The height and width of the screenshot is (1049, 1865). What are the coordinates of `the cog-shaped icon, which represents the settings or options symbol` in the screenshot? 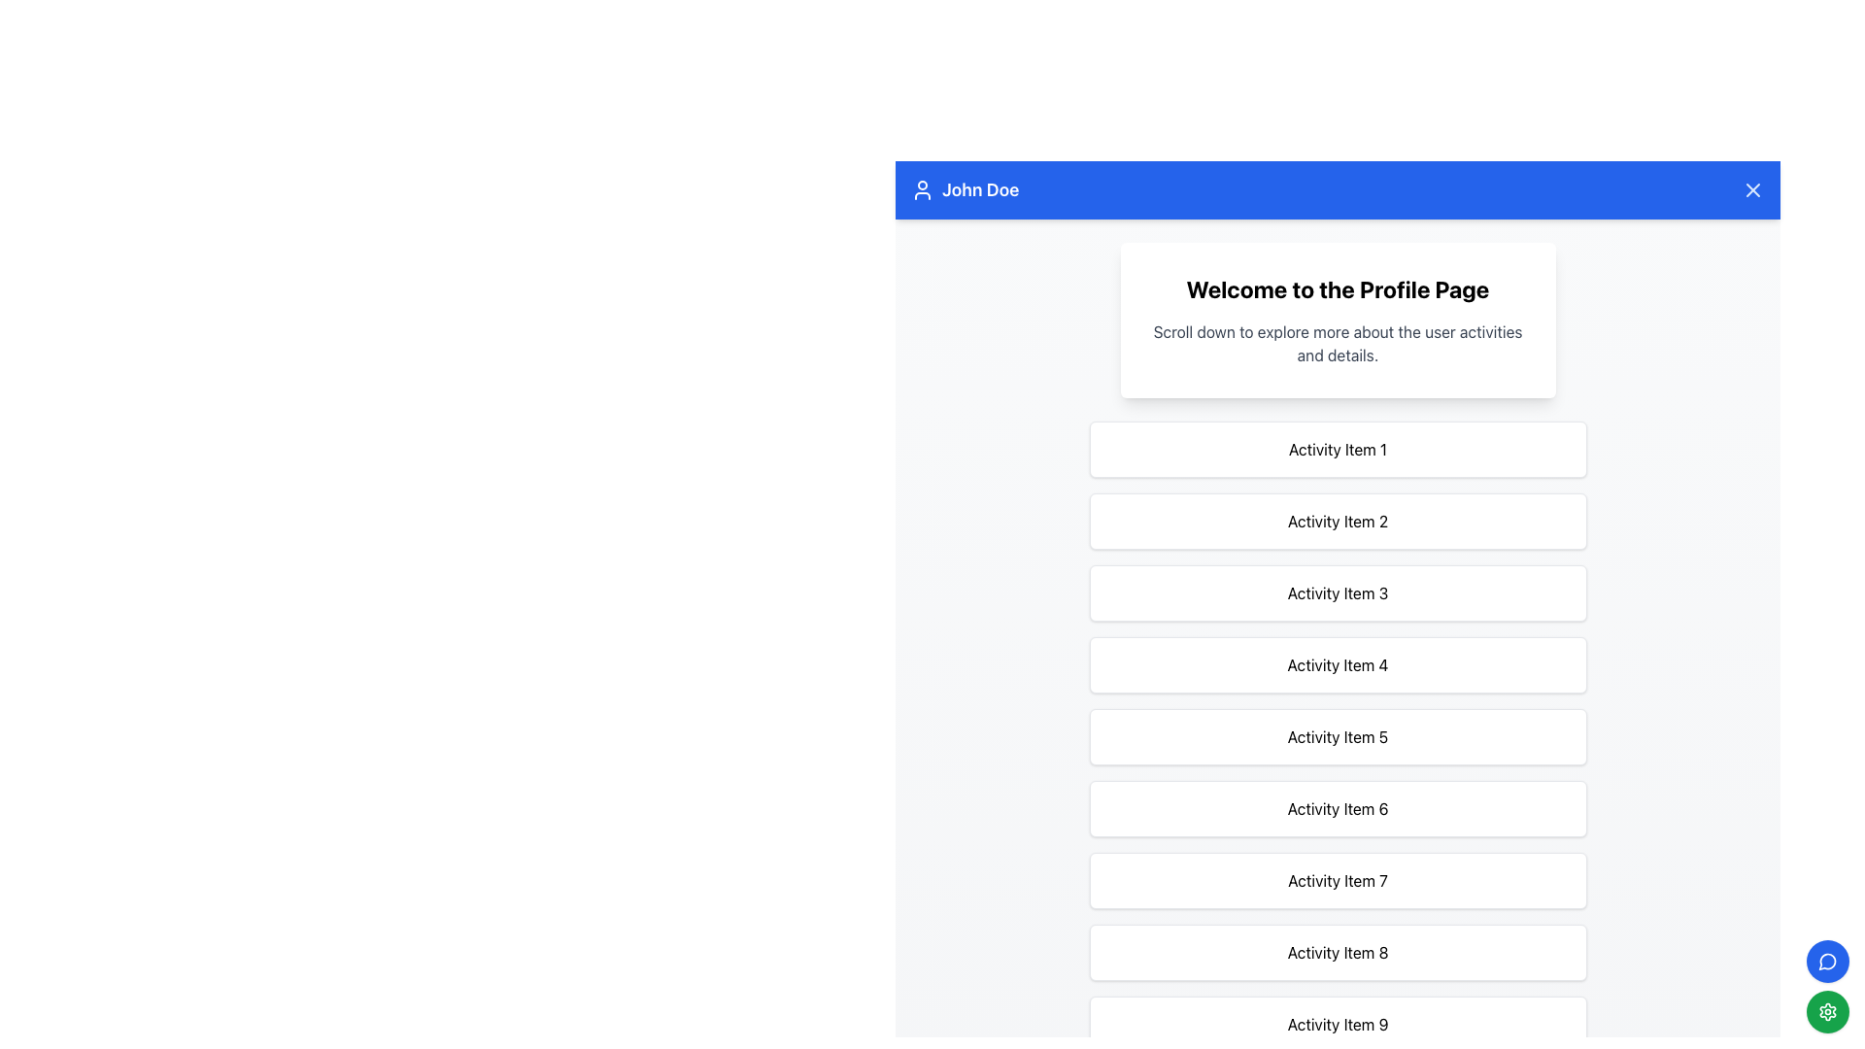 It's located at (1826, 1010).